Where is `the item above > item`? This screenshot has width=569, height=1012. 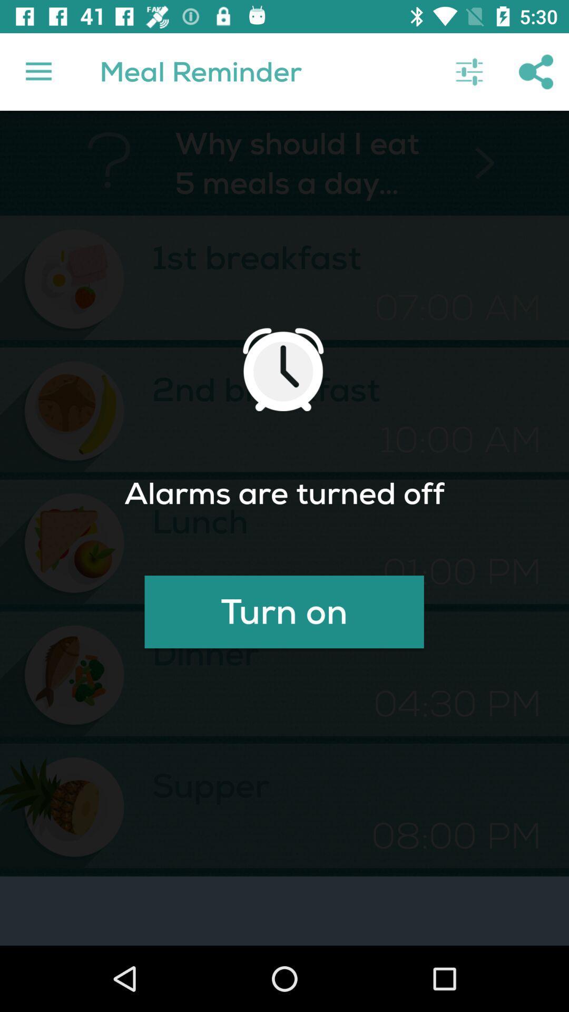
the item above > item is located at coordinates (469, 71).